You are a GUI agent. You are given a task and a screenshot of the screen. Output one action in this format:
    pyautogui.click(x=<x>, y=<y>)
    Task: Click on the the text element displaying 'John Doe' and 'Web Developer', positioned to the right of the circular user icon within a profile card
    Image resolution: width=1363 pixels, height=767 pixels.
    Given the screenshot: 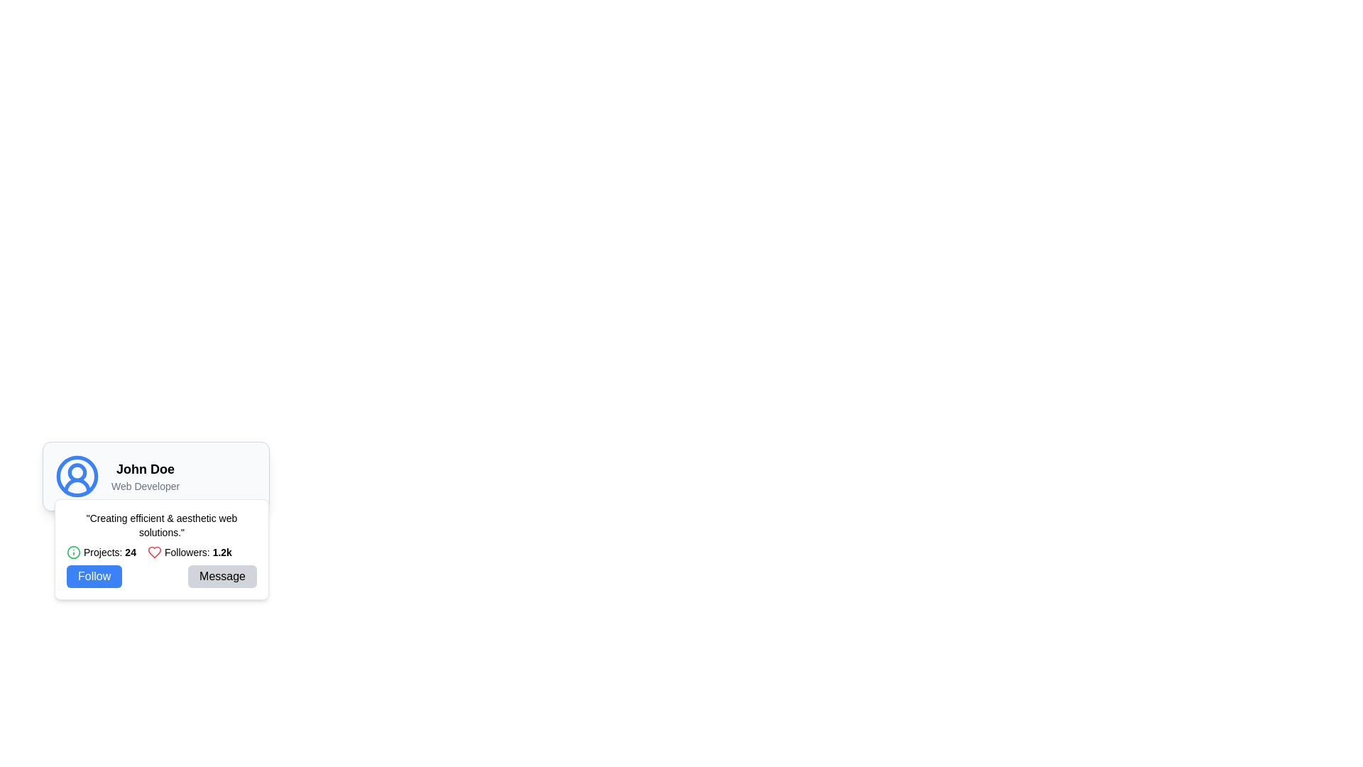 What is the action you would take?
    pyautogui.click(x=146, y=477)
    